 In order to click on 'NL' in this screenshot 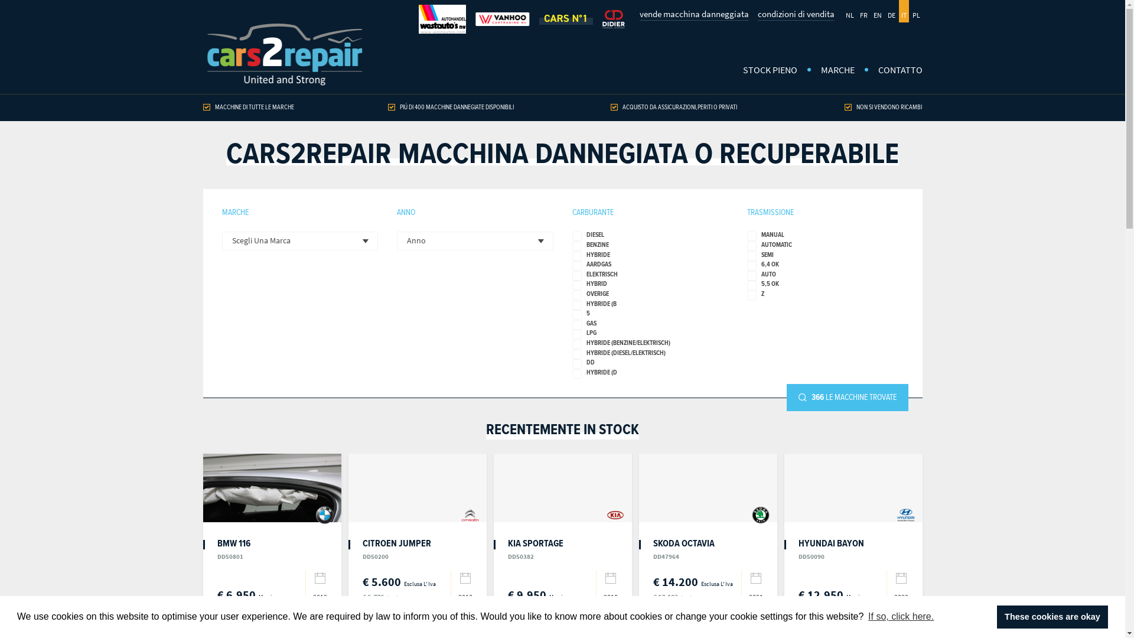, I will do `click(849, 11)`.